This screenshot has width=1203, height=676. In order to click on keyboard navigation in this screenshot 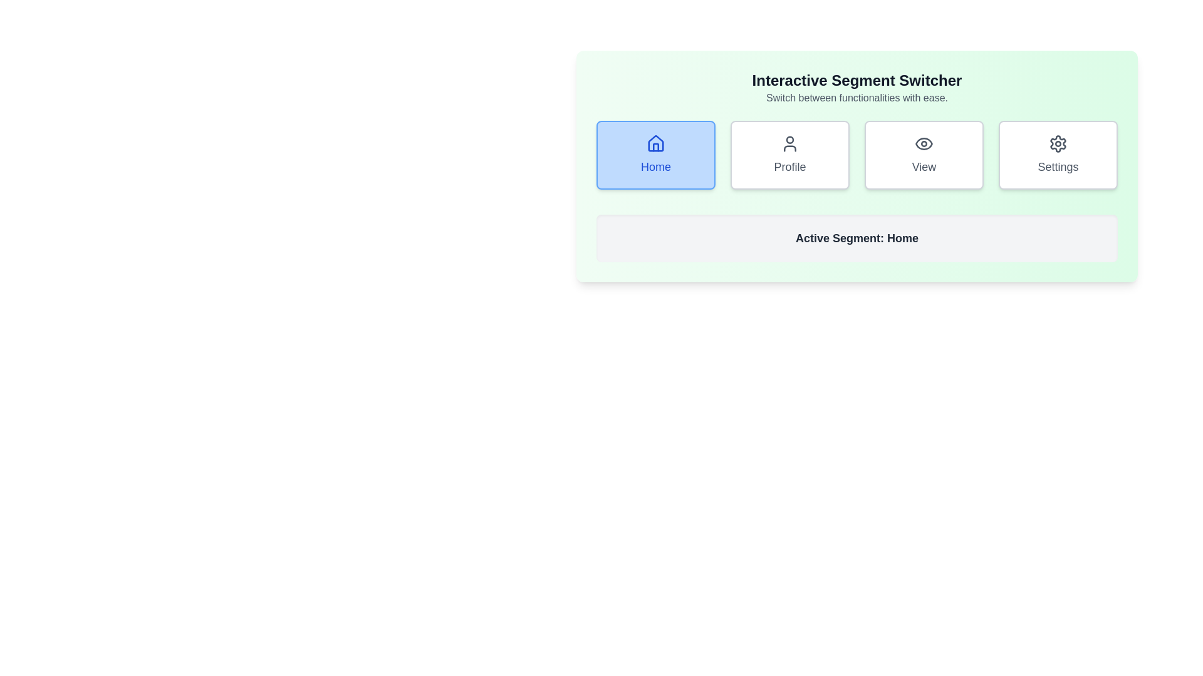, I will do `click(655, 154)`.